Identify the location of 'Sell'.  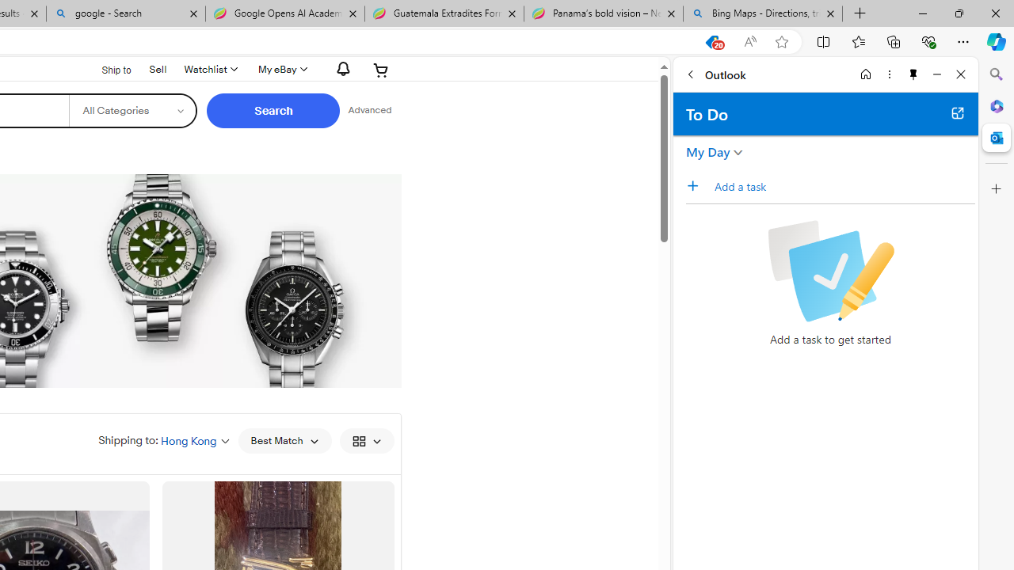
(158, 67).